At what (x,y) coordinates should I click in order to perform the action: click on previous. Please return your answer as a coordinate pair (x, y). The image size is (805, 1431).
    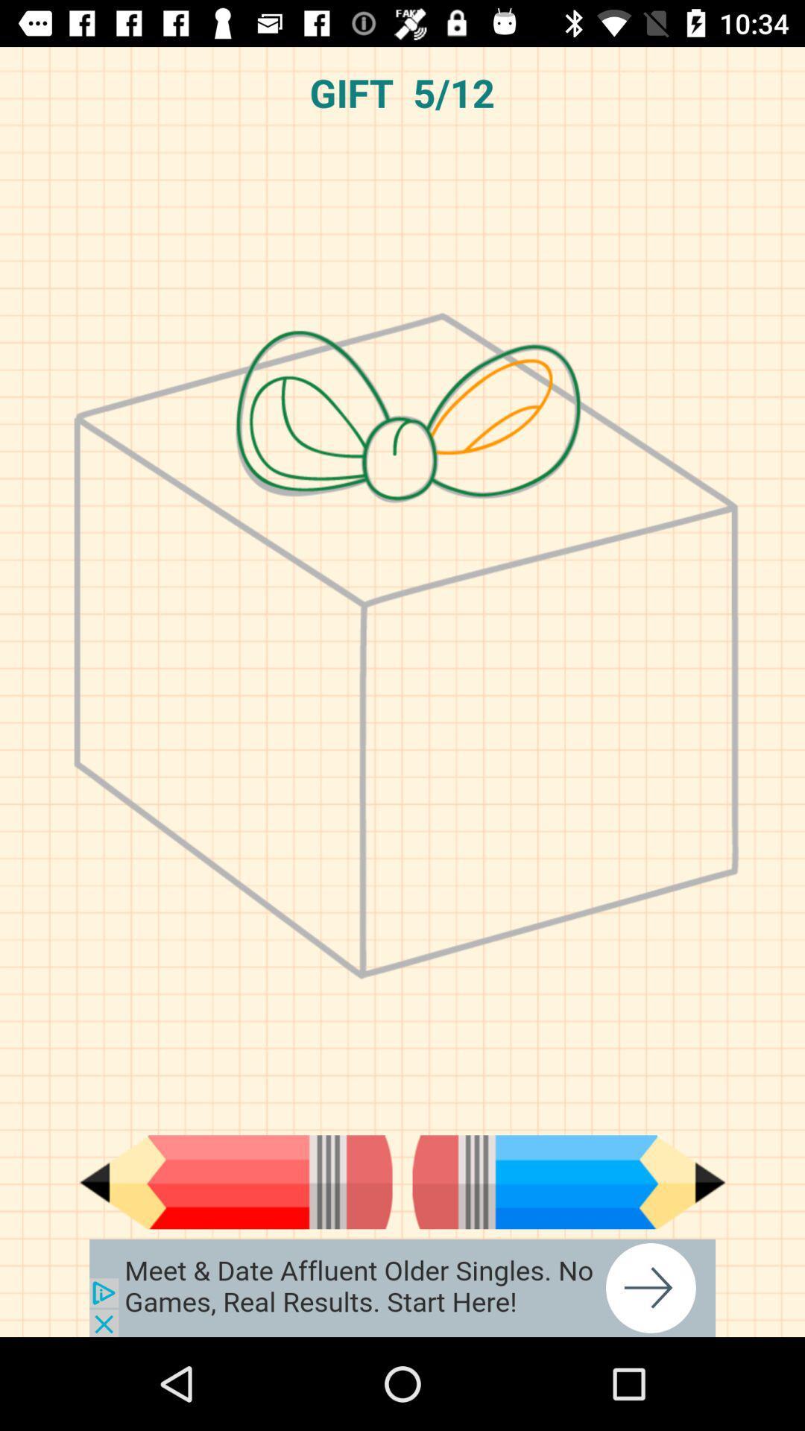
    Looking at the image, I should click on (235, 1181).